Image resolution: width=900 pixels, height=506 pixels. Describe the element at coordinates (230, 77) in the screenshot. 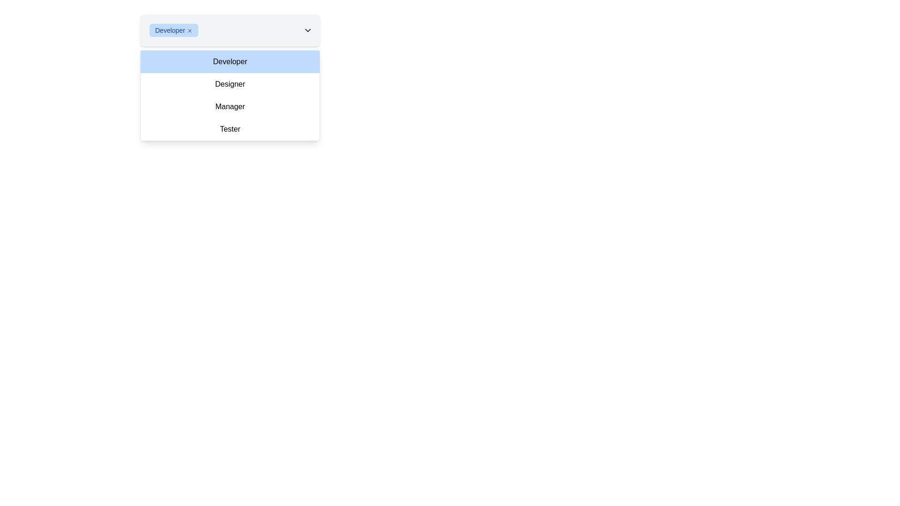

I see `the first item in the dropdown menu that indicates the role 'Developer'` at that location.